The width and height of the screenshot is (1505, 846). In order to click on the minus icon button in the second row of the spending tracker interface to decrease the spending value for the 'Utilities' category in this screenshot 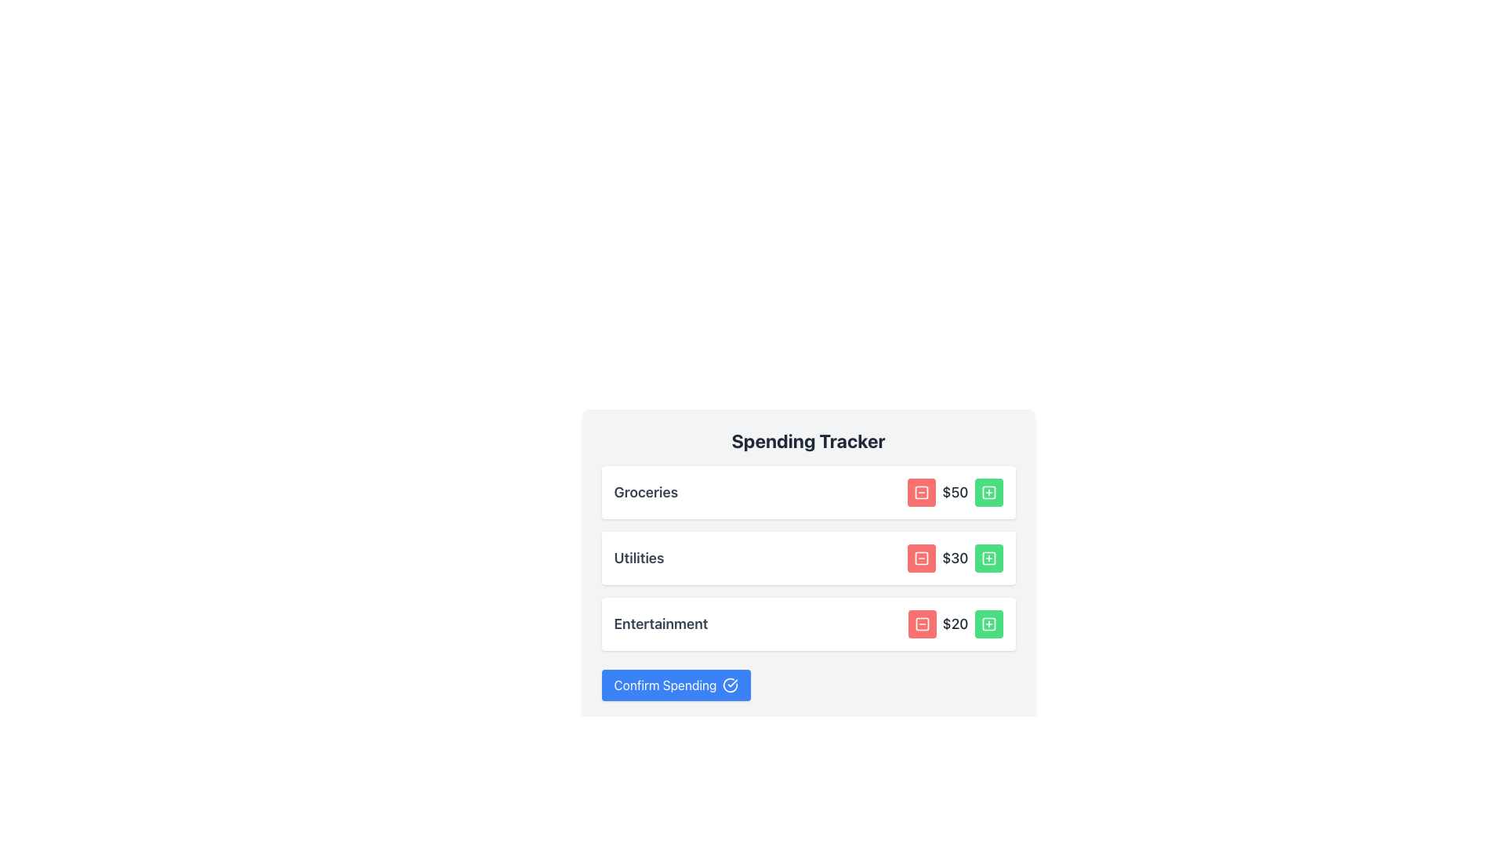, I will do `click(922, 558)`.